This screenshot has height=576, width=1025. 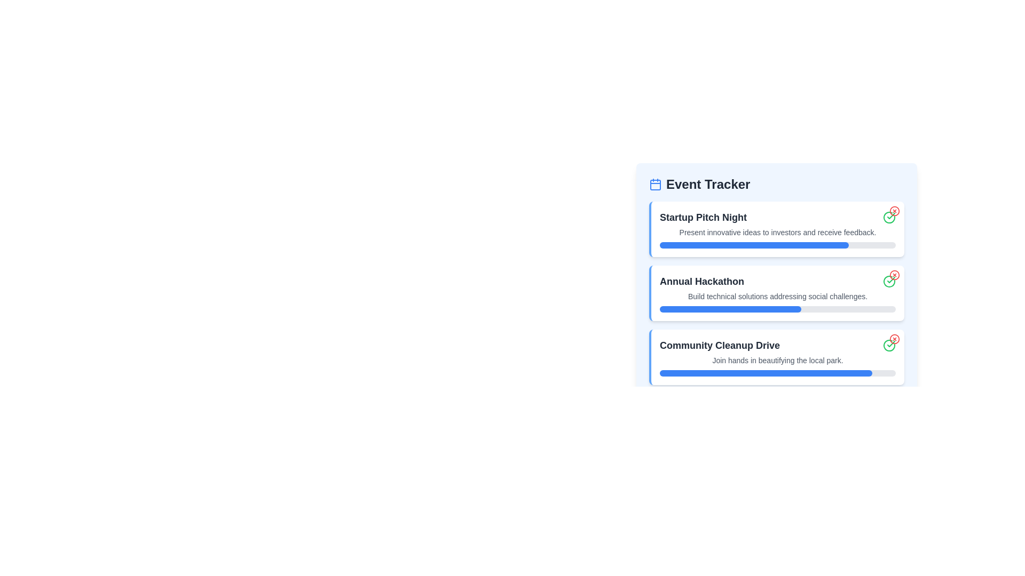 I want to click on the List component displaying information about upcoming community events, which includes titles and descriptions for 'Startup Pitch Night,' 'Annual Hackathon,' and 'Community Cleanup Drive.', so click(x=776, y=293).